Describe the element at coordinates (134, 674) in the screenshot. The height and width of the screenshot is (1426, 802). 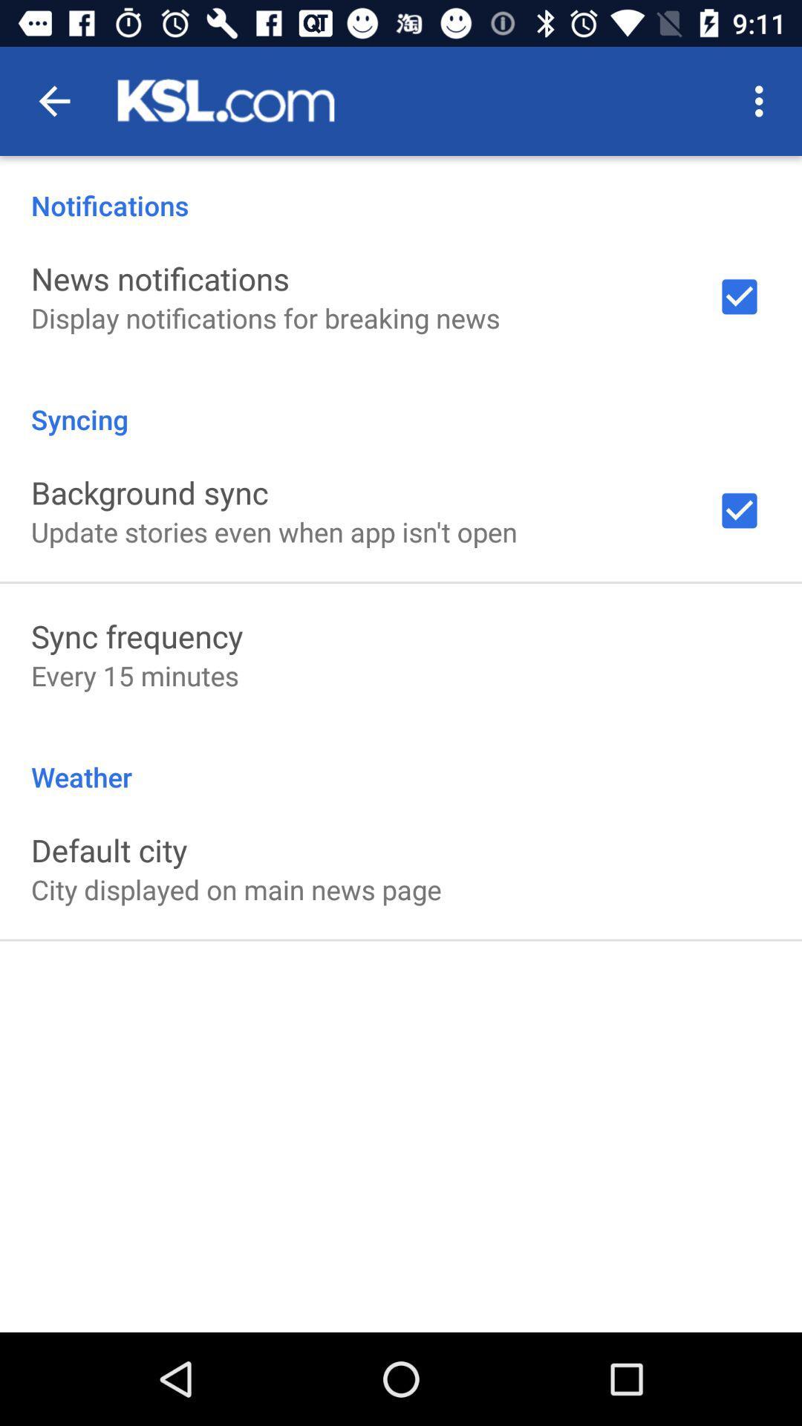
I see `the every 15 minutes` at that location.